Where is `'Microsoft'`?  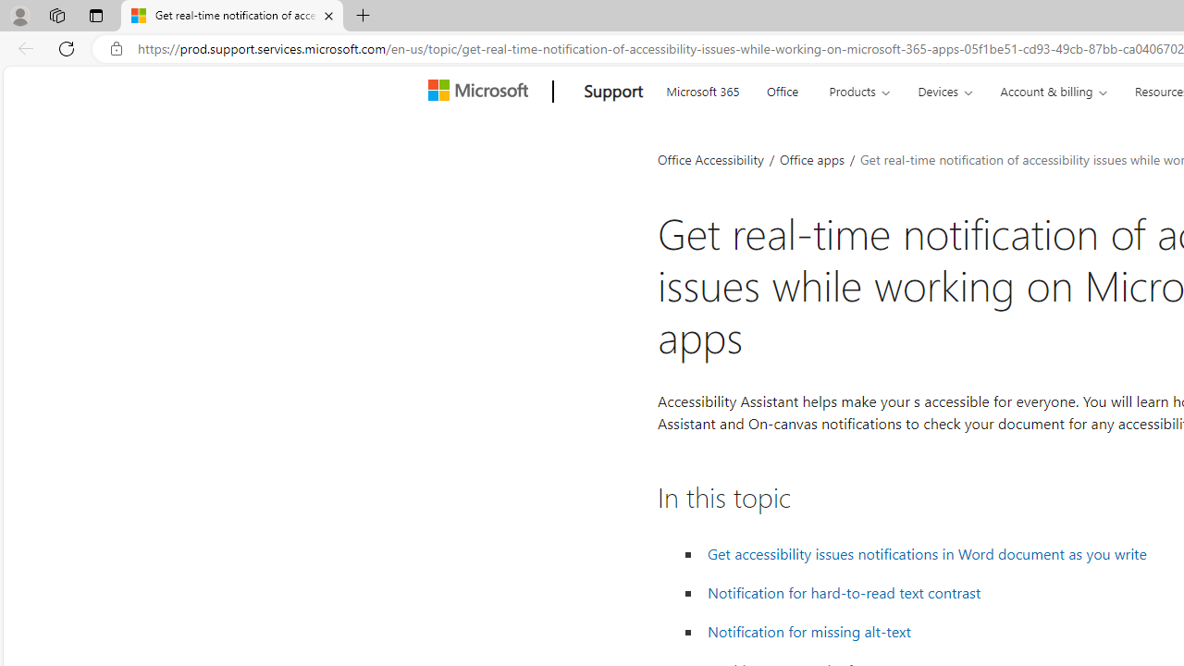
'Microsoft' is located at coordinates (481, 92).